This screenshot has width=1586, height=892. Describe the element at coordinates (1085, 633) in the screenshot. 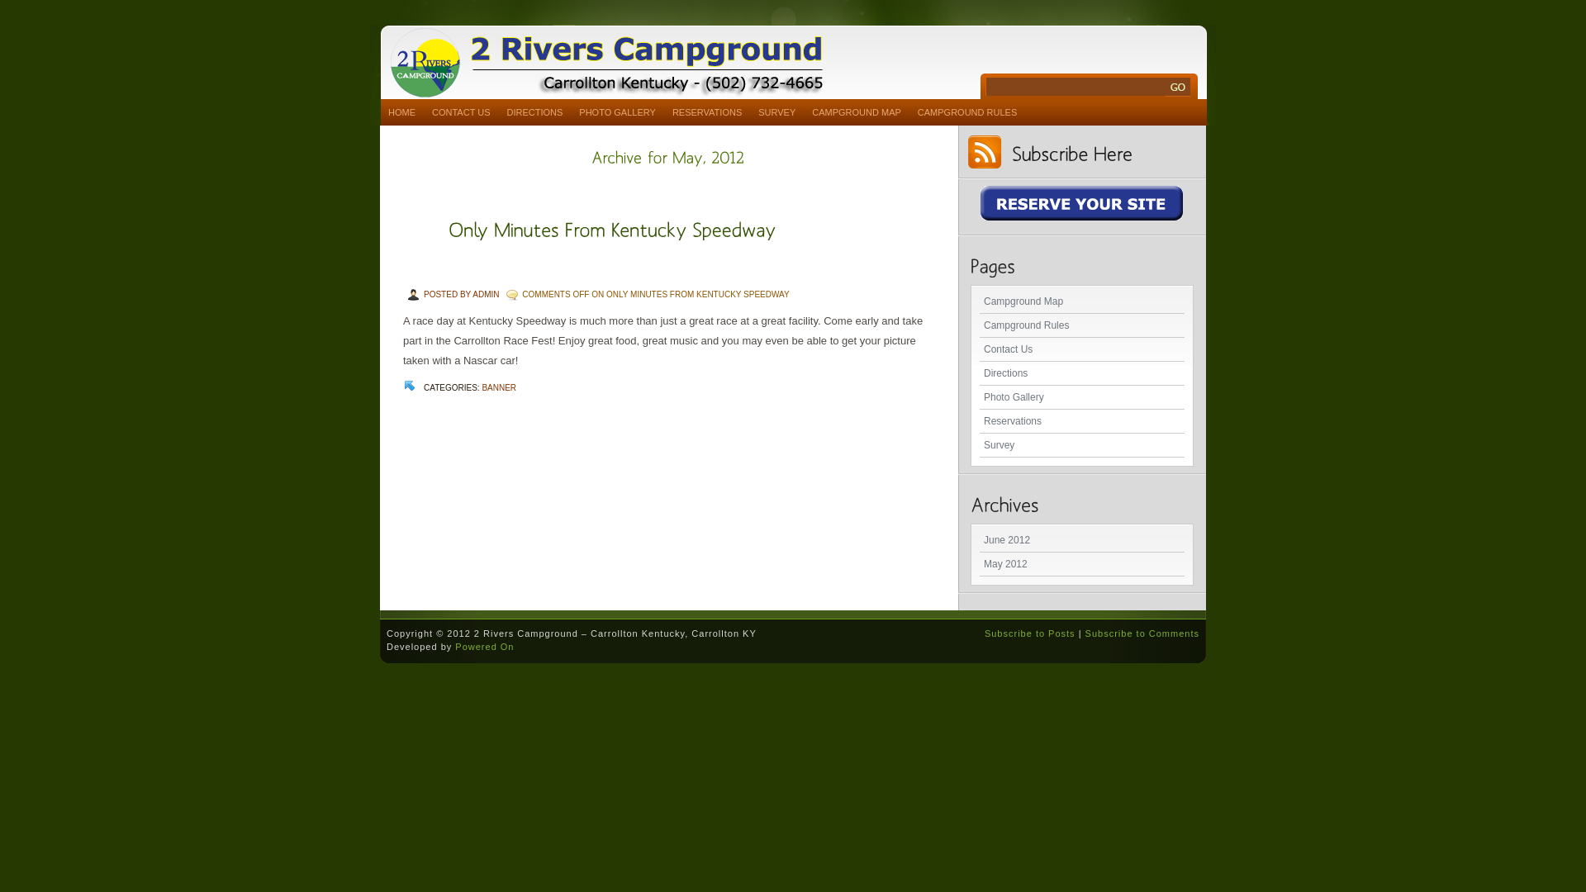

I see `'Subscribe to Comments'` at that location.